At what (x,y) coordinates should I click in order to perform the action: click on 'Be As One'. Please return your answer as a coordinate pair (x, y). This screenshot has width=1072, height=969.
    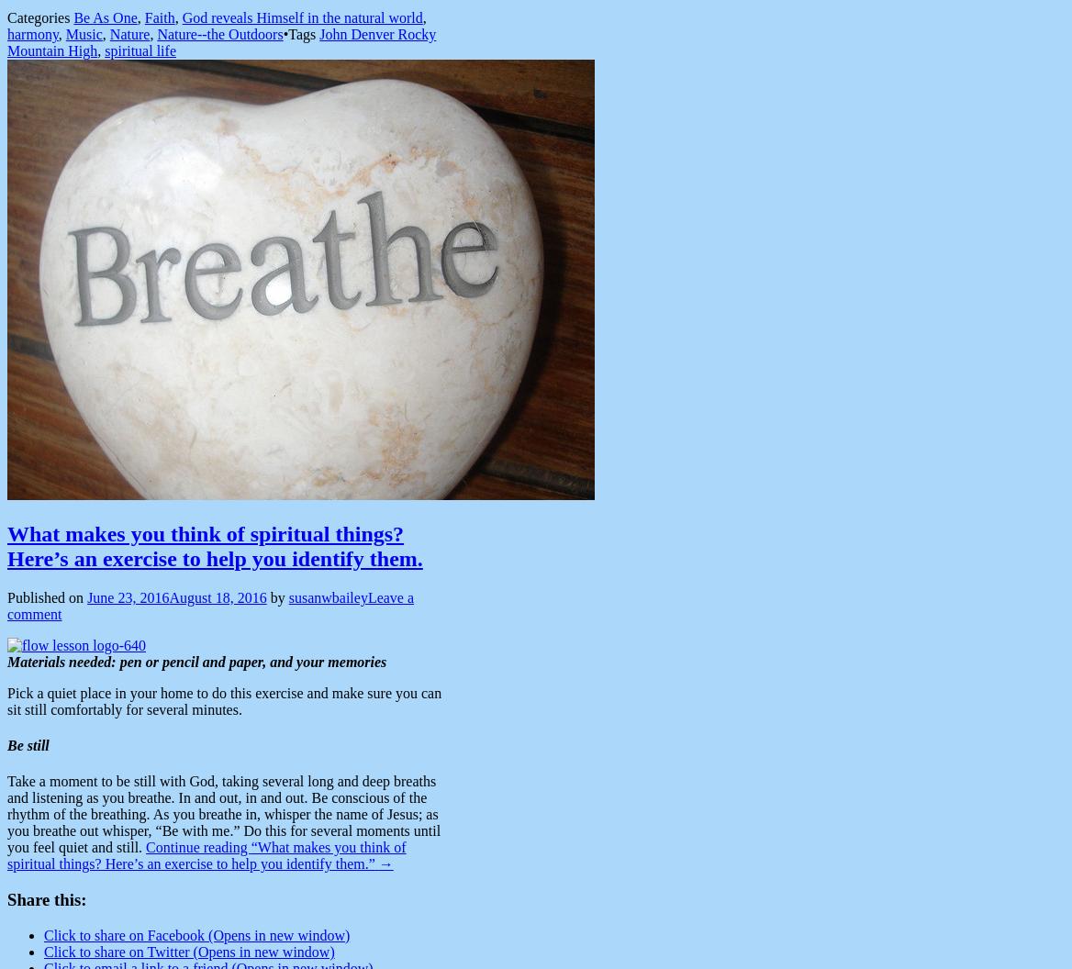
    Looking at the image, I should click on (73, 17).